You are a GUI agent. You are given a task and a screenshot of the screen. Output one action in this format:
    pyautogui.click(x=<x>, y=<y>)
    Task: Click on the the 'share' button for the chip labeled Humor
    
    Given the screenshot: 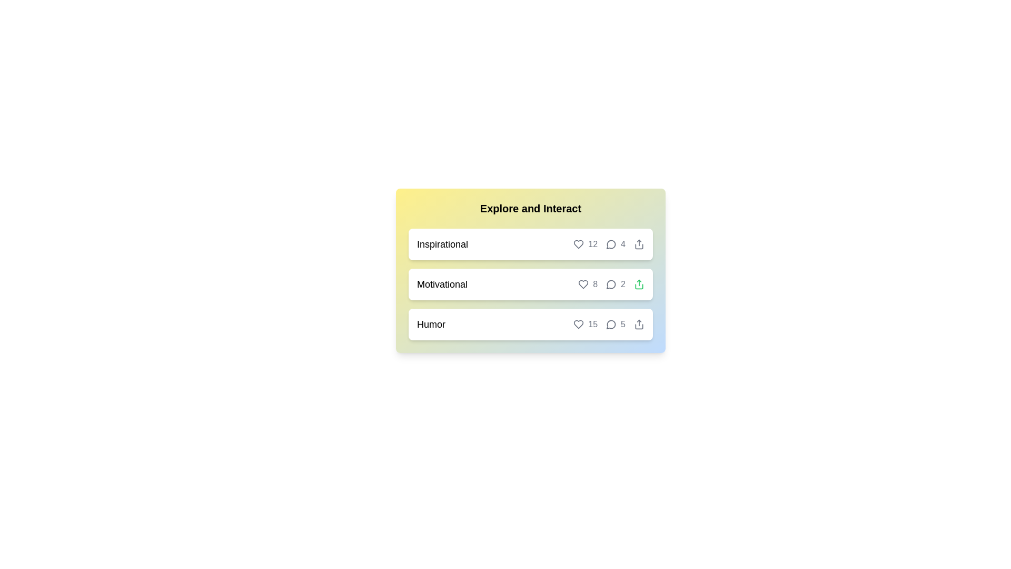 What is the action you would take?
    pyautogui.click(x=639, y=324)
    